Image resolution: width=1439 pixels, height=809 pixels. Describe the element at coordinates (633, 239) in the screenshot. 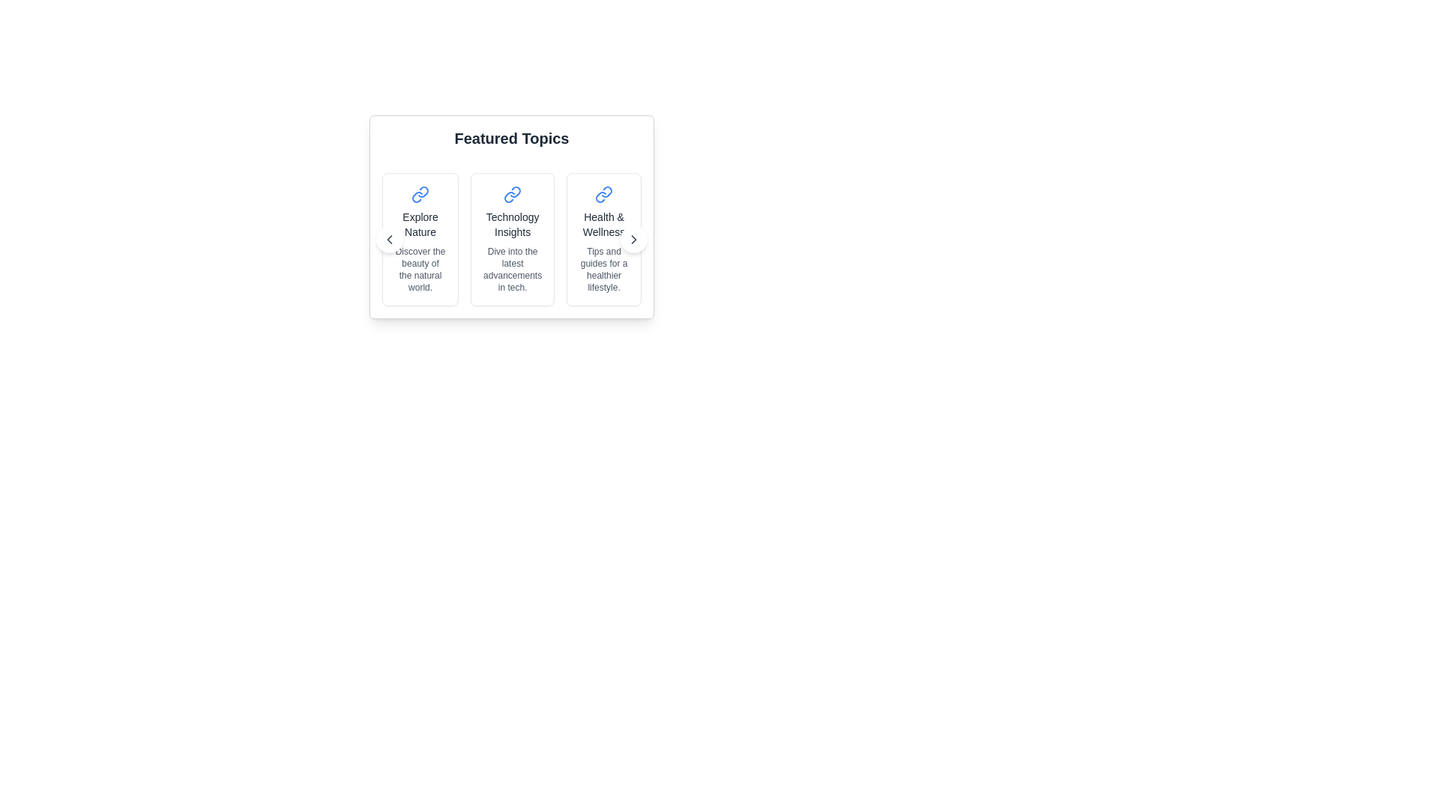

I see `the rightward-pointing chevron icon located at the far right of the 'Health & Wellness' card under 'Featured Topics'` at that location.